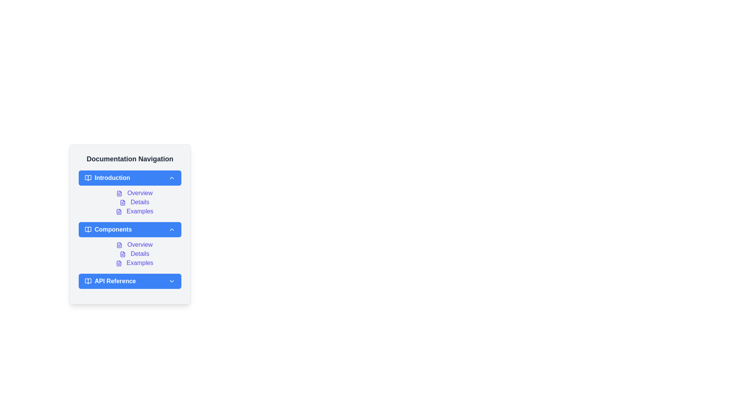 Image resolution: width=730 pixels, height=410 pixels. What do you see at coordinates (119, 193) in the screenshot?
I see `the 'Overview' icon located to the left of the text under the expanded 'Introduction' section of the navigation menu` at bounding box center [119, 193].